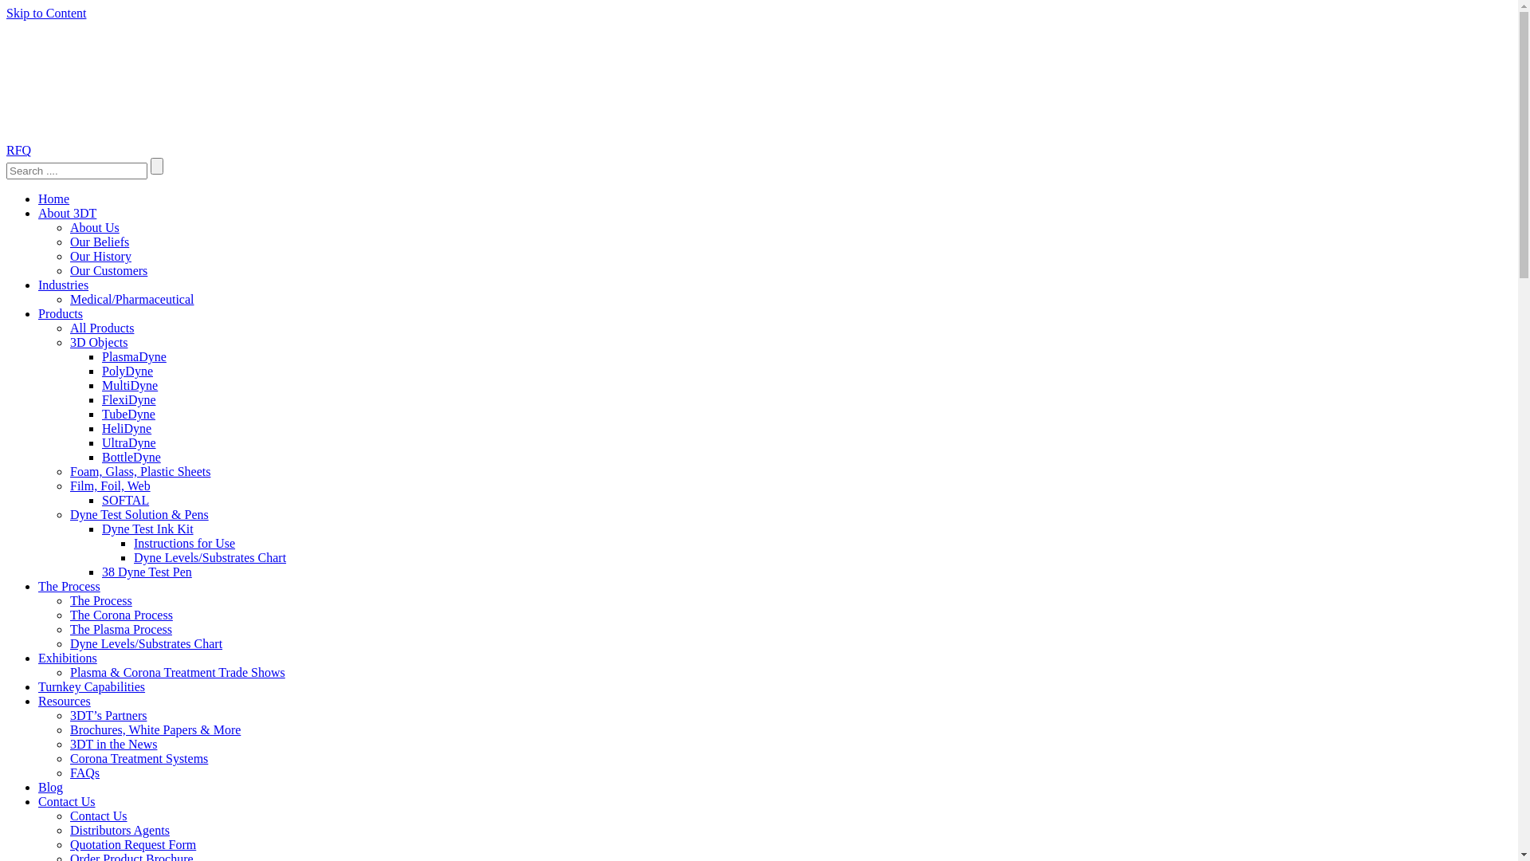 The height and width of the screenshot is (861, 1530). What do you see at coordinates (84, 772) in the screenshot?
I see `'FAQs'` at bounding box center [84, 772].